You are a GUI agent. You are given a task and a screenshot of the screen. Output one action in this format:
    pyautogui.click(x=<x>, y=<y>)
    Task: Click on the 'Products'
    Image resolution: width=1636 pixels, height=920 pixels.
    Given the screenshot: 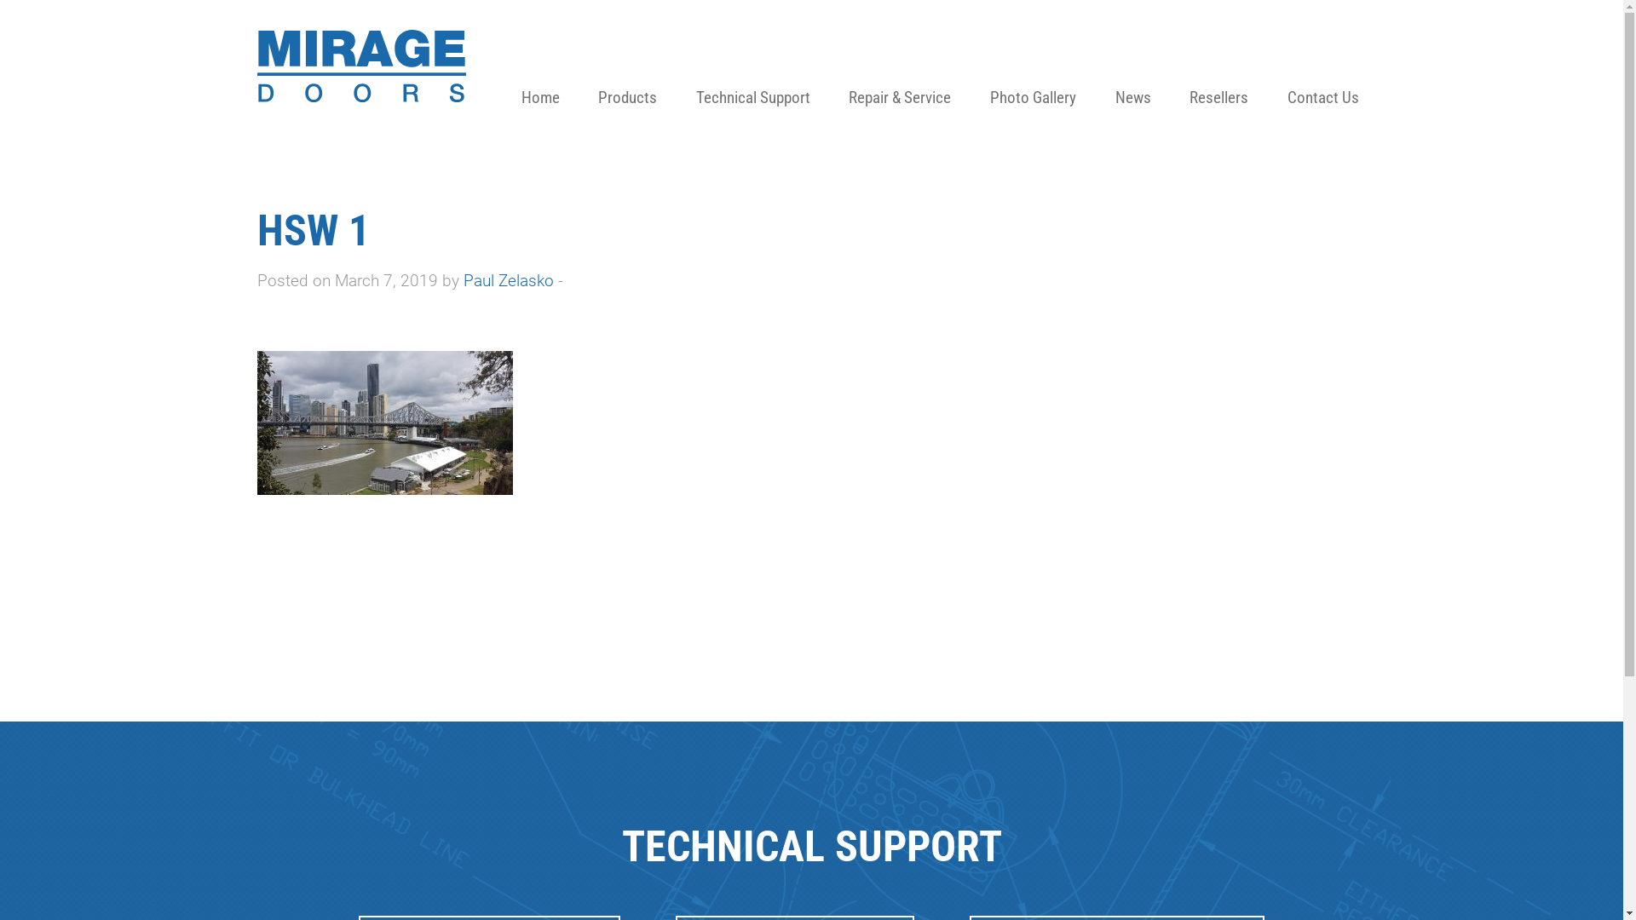 What is the action you would take?
    pyautogui.click(x=626, y=68)
    